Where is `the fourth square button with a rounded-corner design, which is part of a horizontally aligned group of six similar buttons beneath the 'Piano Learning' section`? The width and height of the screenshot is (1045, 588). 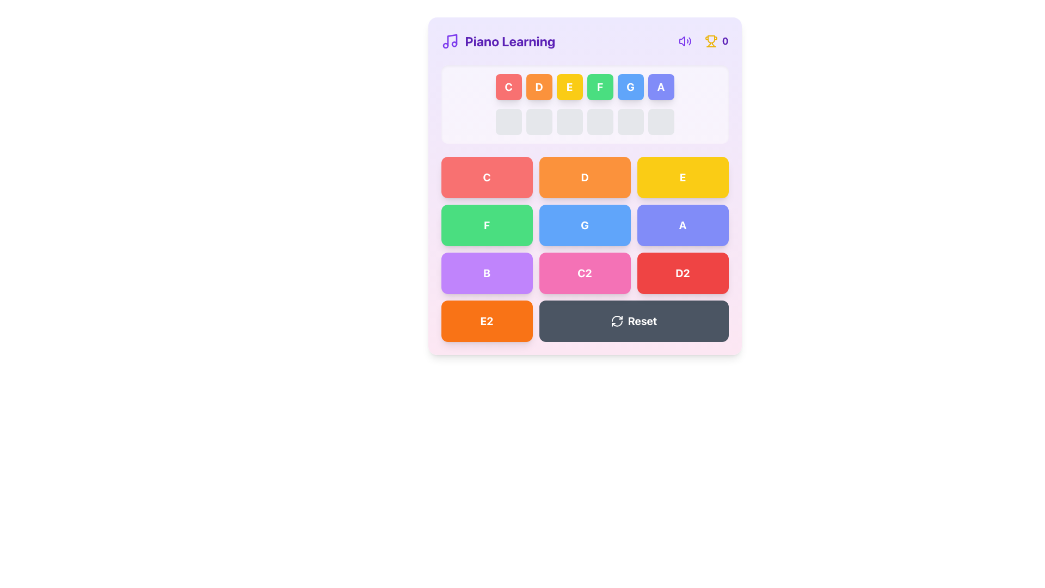
the fourth square button with a rounded-corner design, which is part of a horizontally aligned group of six similar buttons beneath the 'Piano Learning' section is located at coordinates (599, 121).